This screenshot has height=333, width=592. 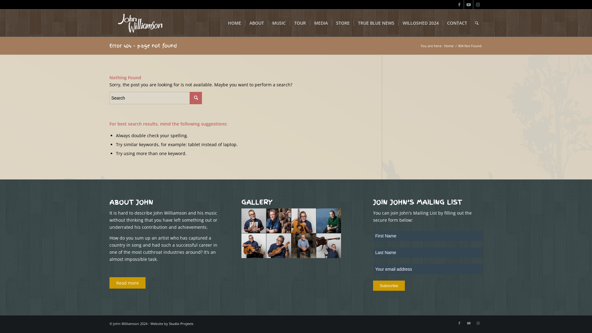 I want to click on 'TRUE BLUE NEWS', so click(x=376, y=23).